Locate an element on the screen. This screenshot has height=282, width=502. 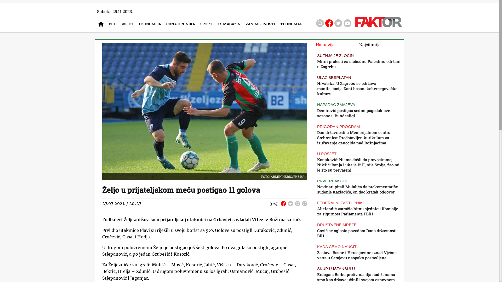
'CS MAGAZIN' is located at coordinates (218, 24).